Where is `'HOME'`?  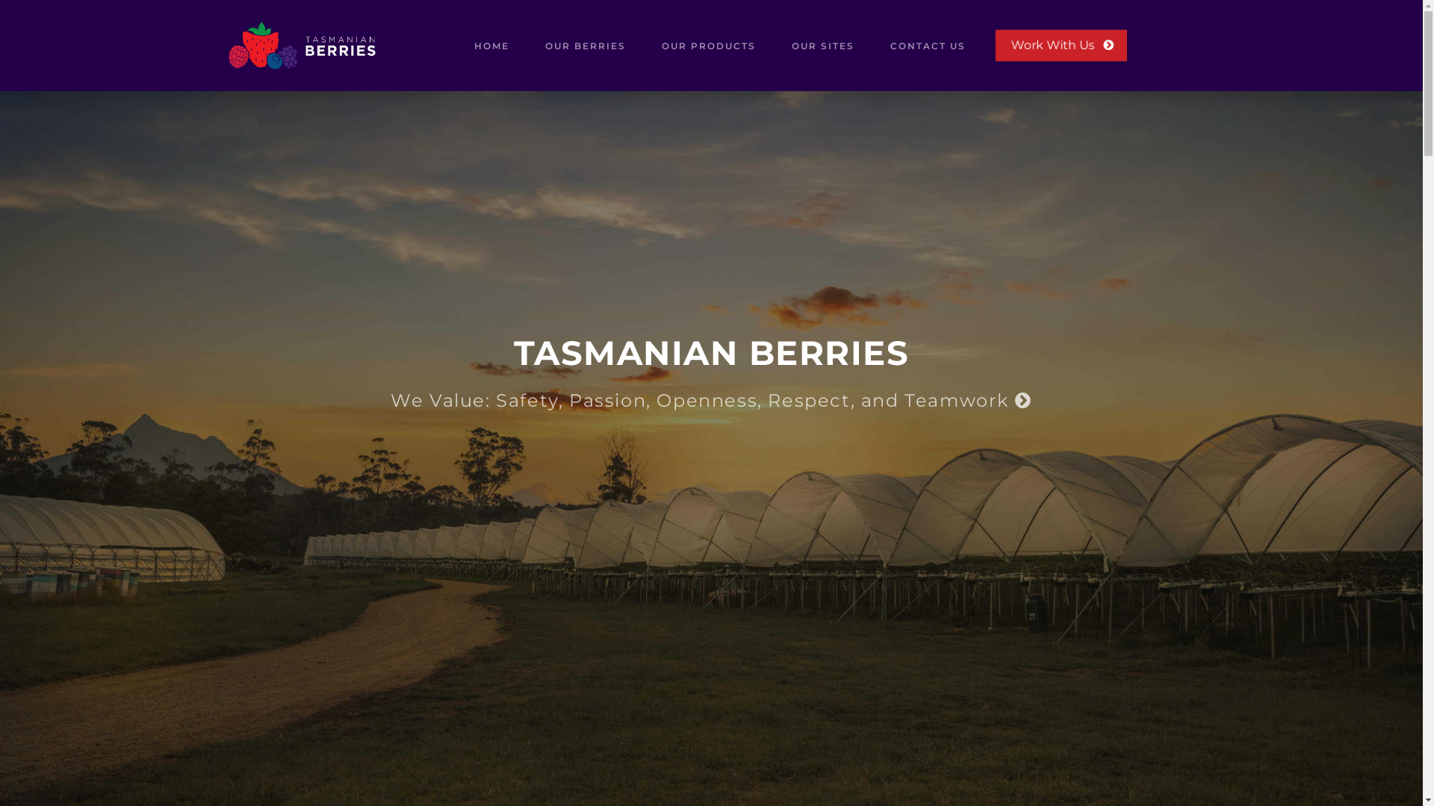 'HOME' is located at coordinates (491, 45).